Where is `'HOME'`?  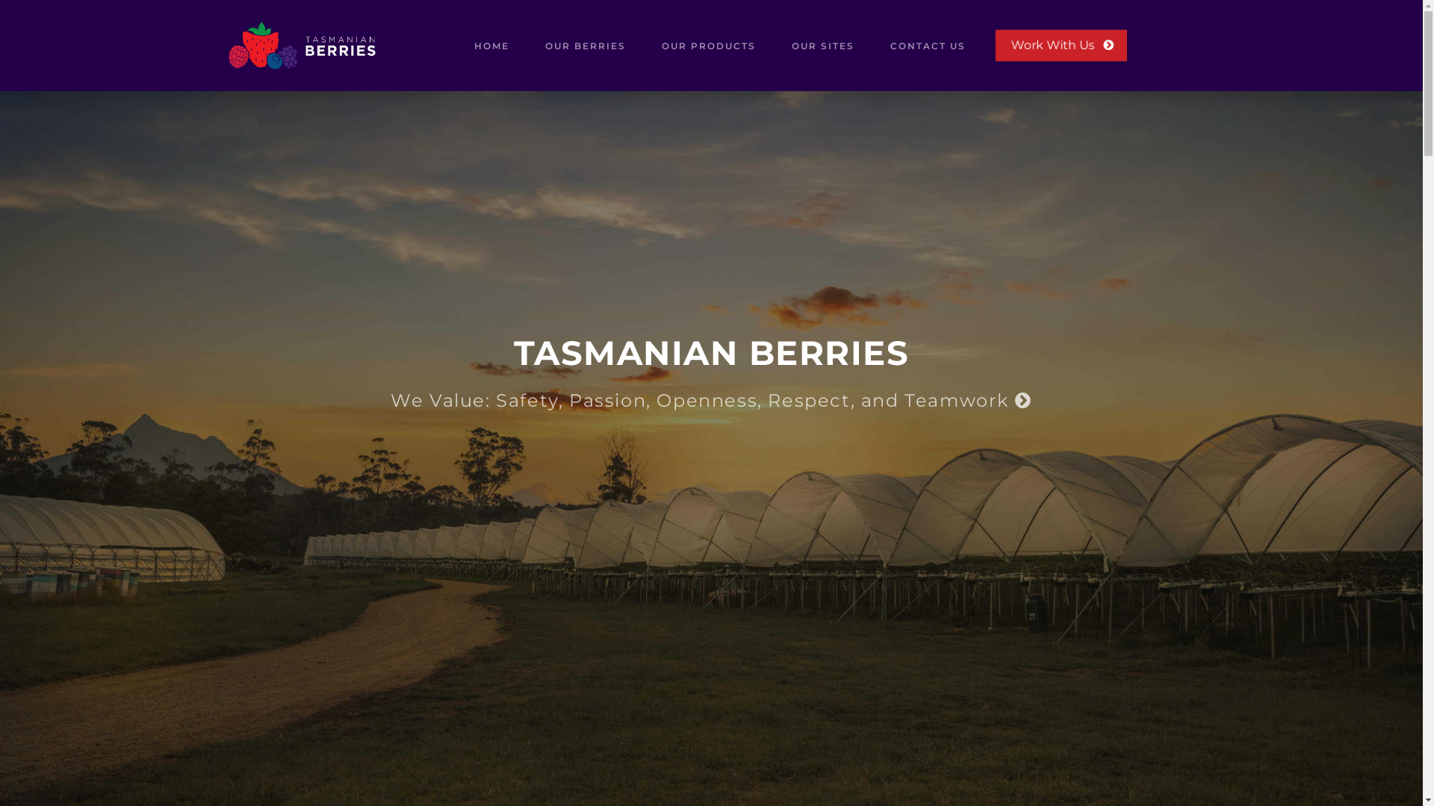 'HOME' is located at coordinates (491, 45).